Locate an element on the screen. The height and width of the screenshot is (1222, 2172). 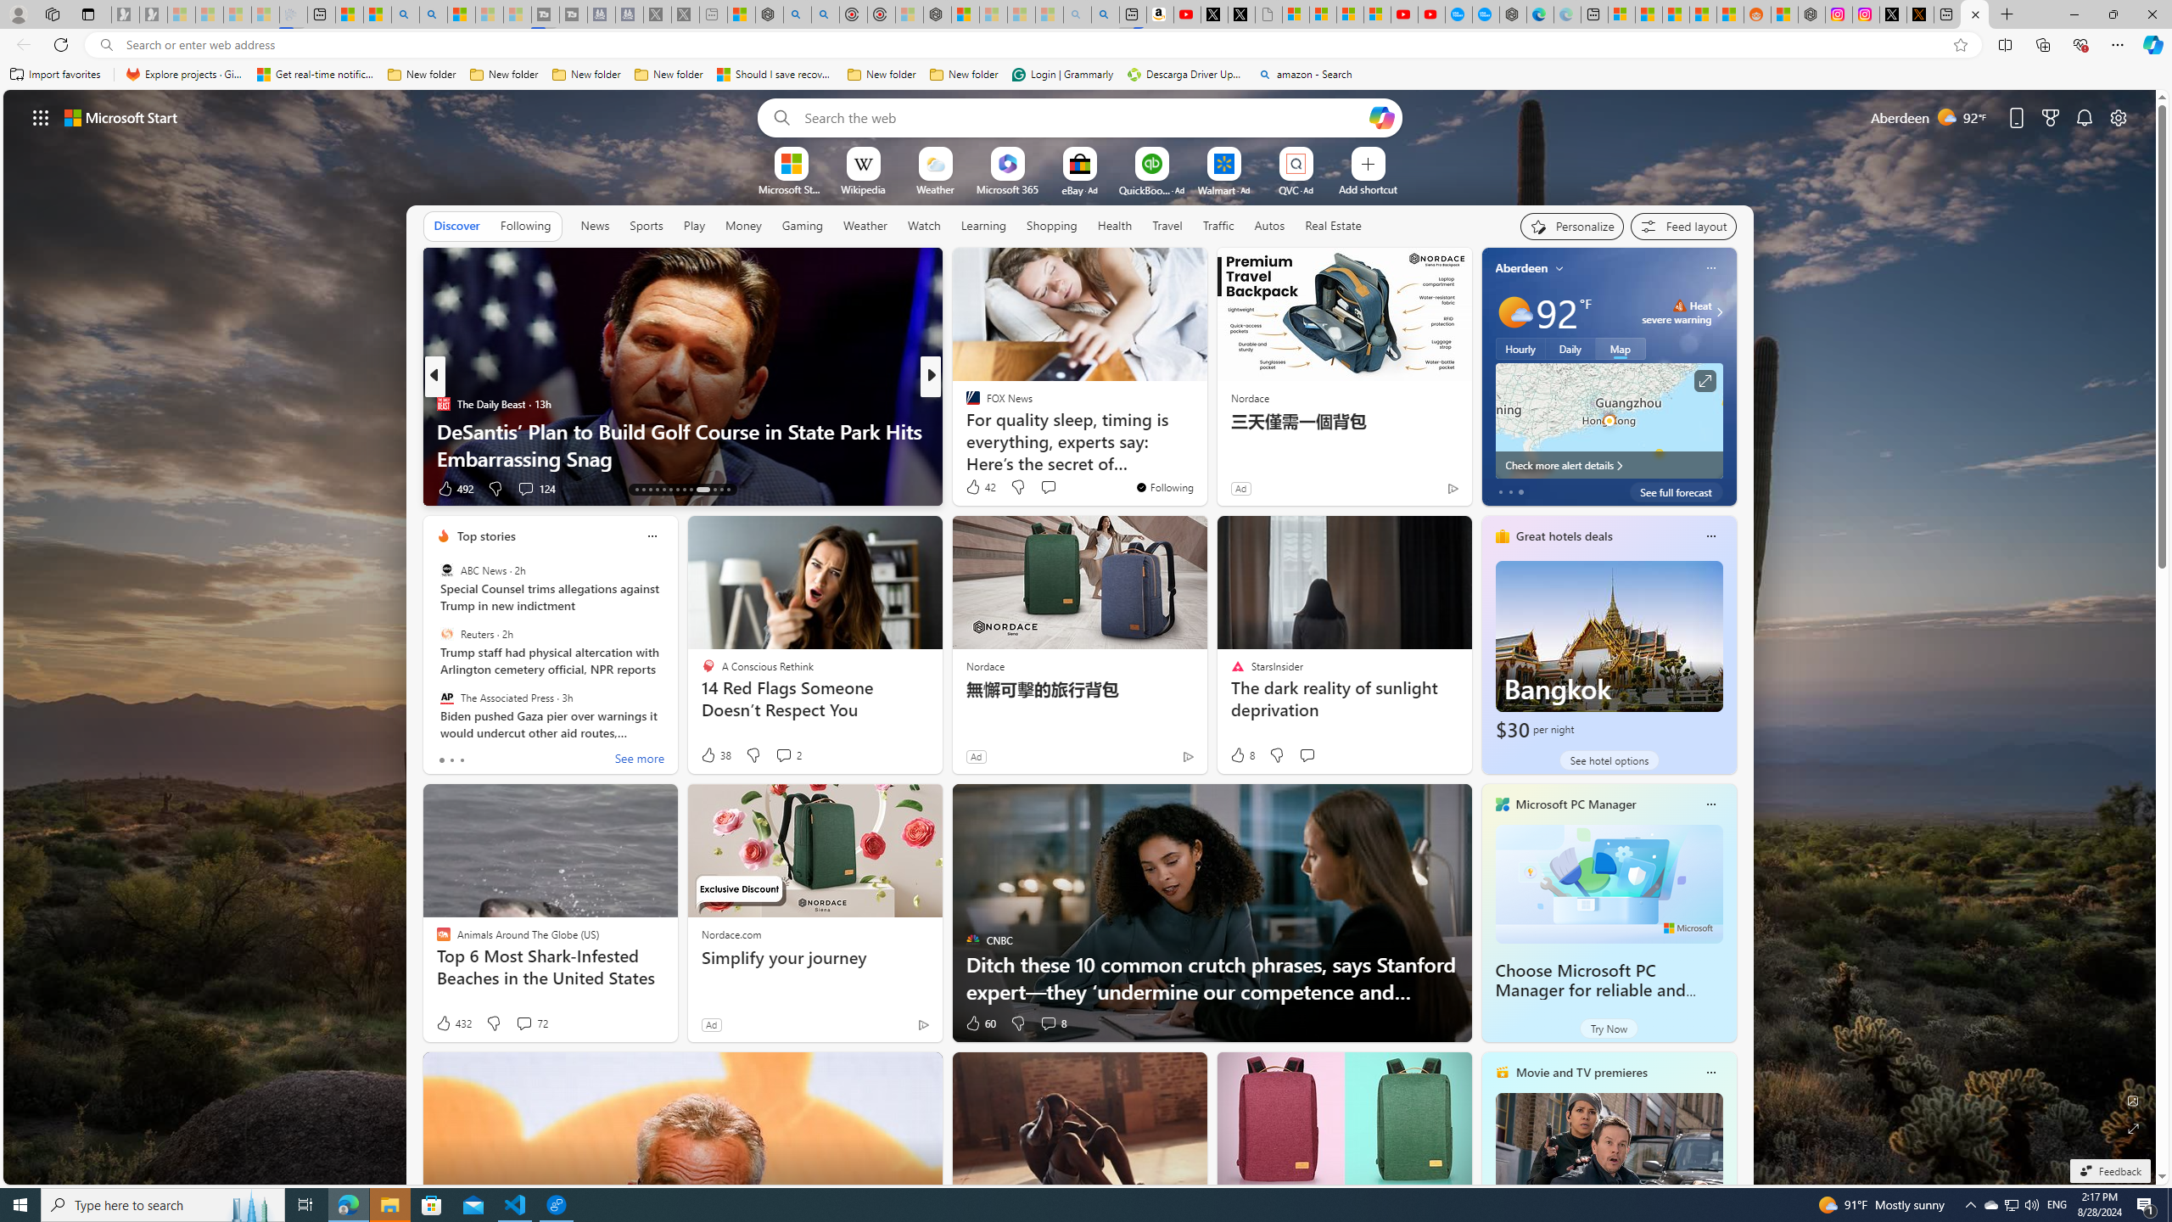
'AutomationID: tab-19' is located at coordinates (677, 490).